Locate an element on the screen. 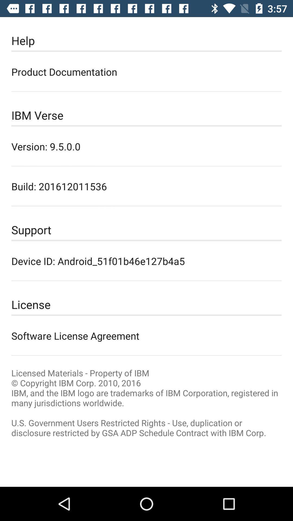 This screenshot has width=293, height=521. icon below the help is located at coordinates (146, 71).